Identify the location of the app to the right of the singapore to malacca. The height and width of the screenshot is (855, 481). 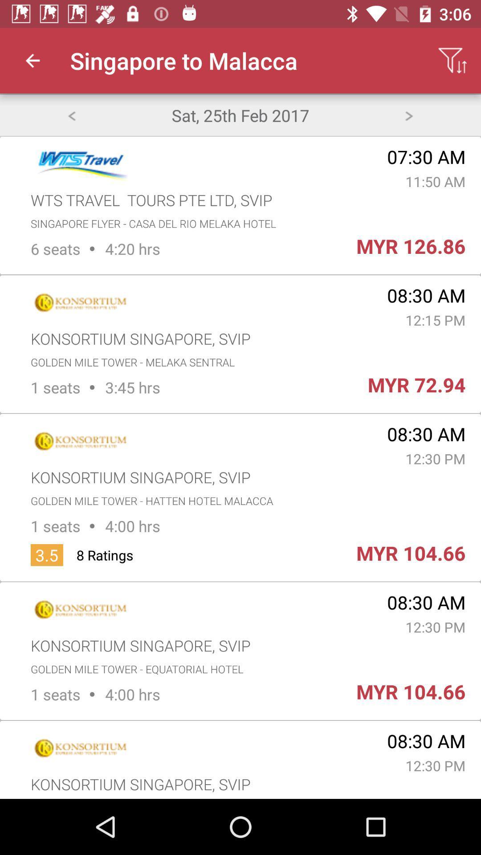
(452, 60).